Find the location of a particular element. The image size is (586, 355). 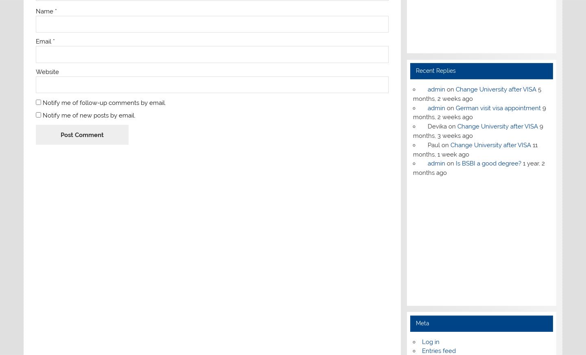

'Log in' is located at coordinates (430, 342).